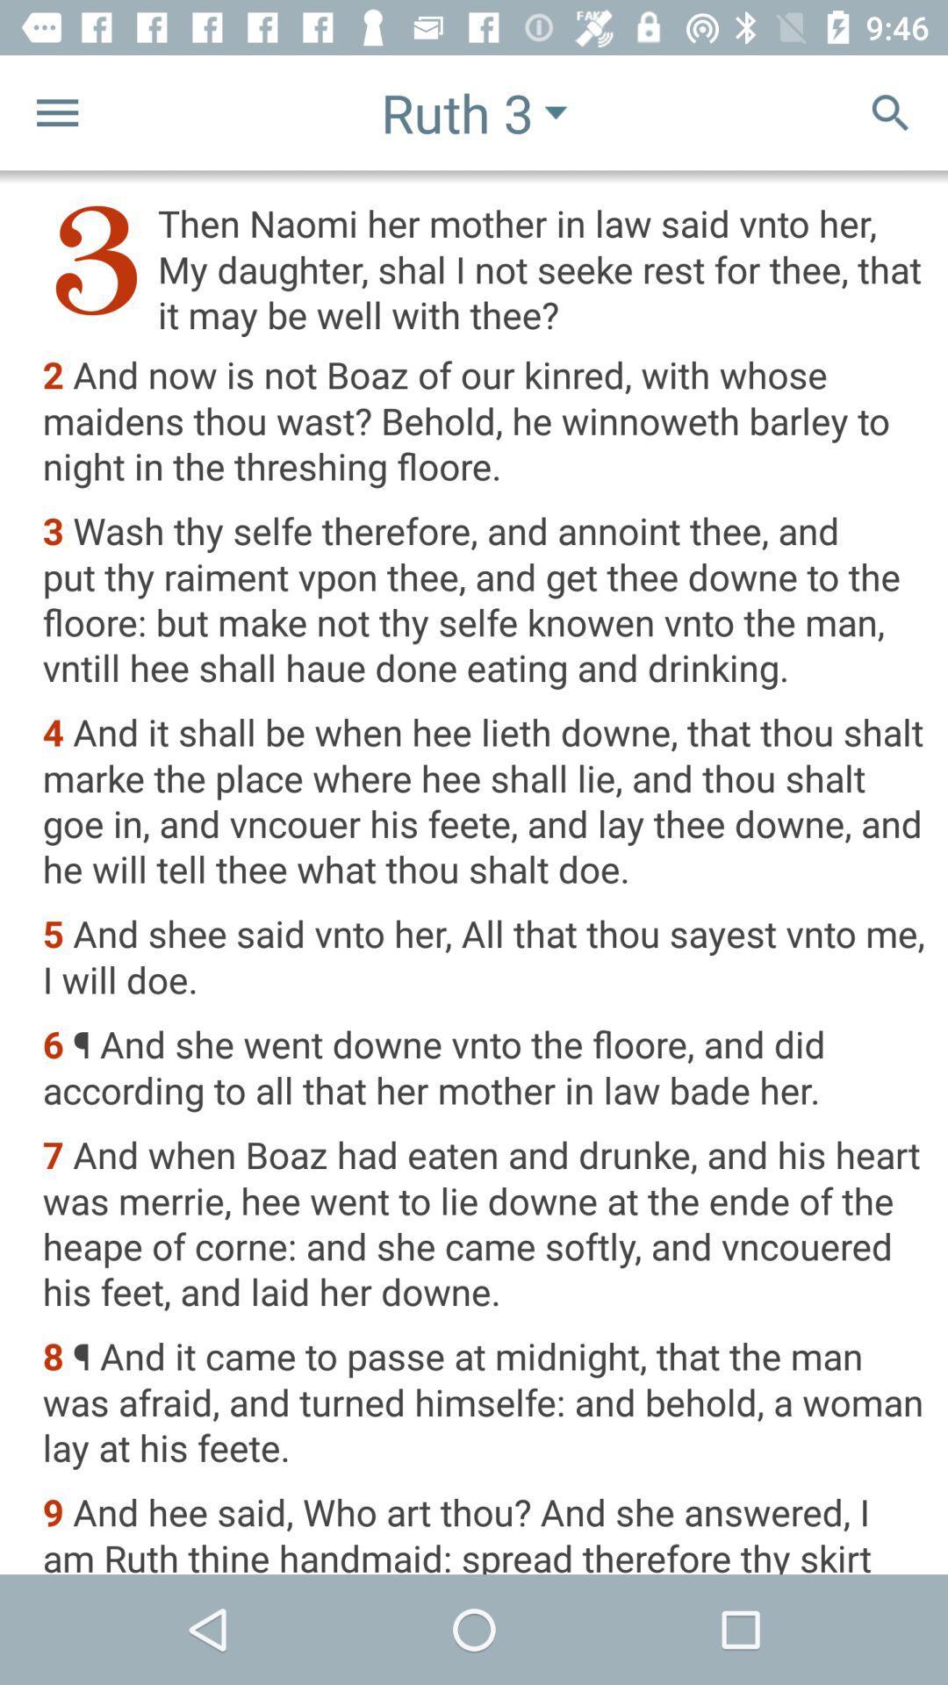 The image size is (948, 1685). I want to click on 2 and now item, so click(484, 422).